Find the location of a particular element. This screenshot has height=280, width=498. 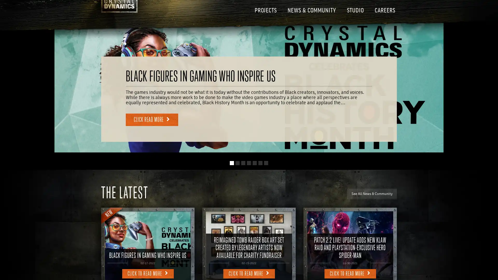

CLICK TO READ MORE is located at coordinates (147, 273).